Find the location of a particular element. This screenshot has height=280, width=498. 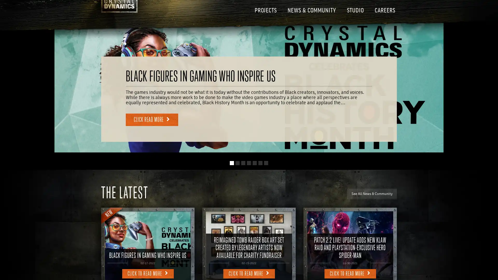

CLICK TO READ MORE is located at coordinates (147, 273).